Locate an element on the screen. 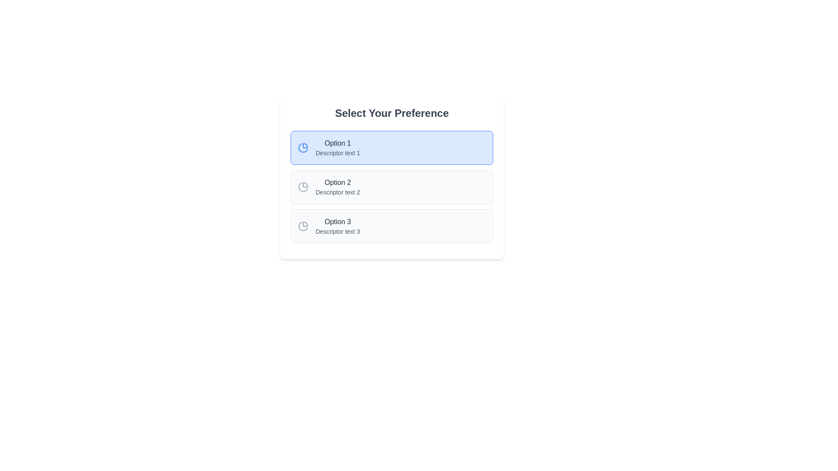 The height and width of the screenshot is (471, 838). the title text of the second selectable option in the list, which is positioned above 'Descriptor text 2' and to the right of the clock icon is located at coordinates (337, 182).